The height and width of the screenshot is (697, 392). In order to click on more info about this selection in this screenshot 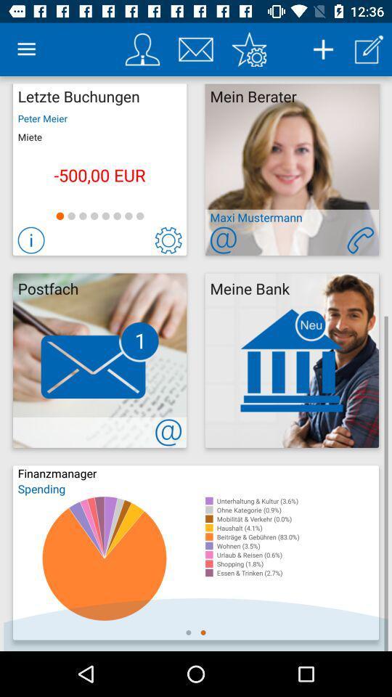, I will do `click(31, 240)`.